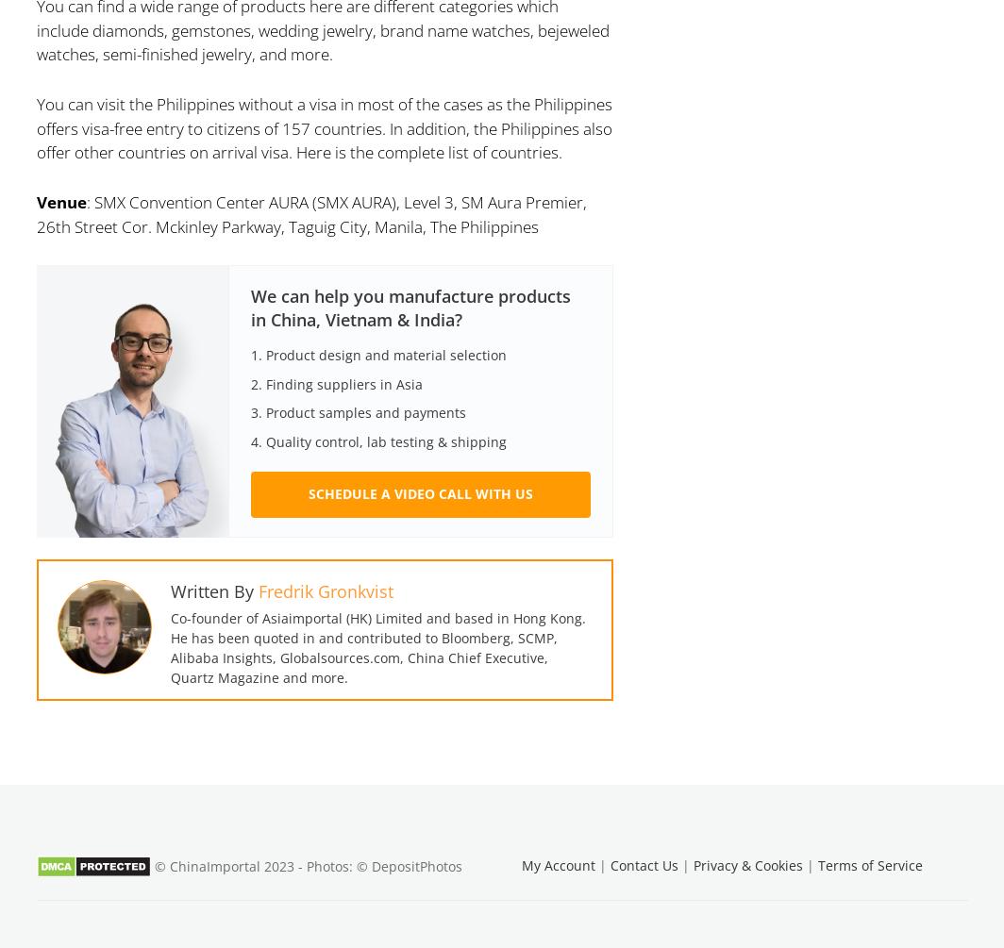 This screenshot has width=1004, height=948. What do you see at coordinates (559, 864) in the screenshot?
I see `'My Account'` at bounding box center [559, 864].